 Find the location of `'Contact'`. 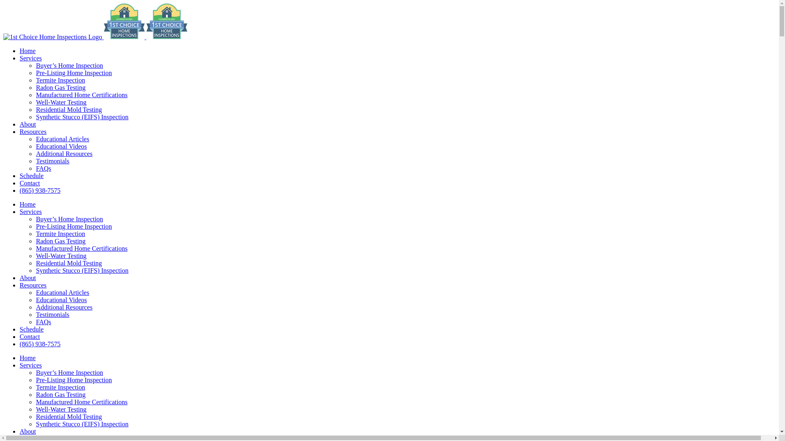

'Contact' is located at coordinates (29, 183).